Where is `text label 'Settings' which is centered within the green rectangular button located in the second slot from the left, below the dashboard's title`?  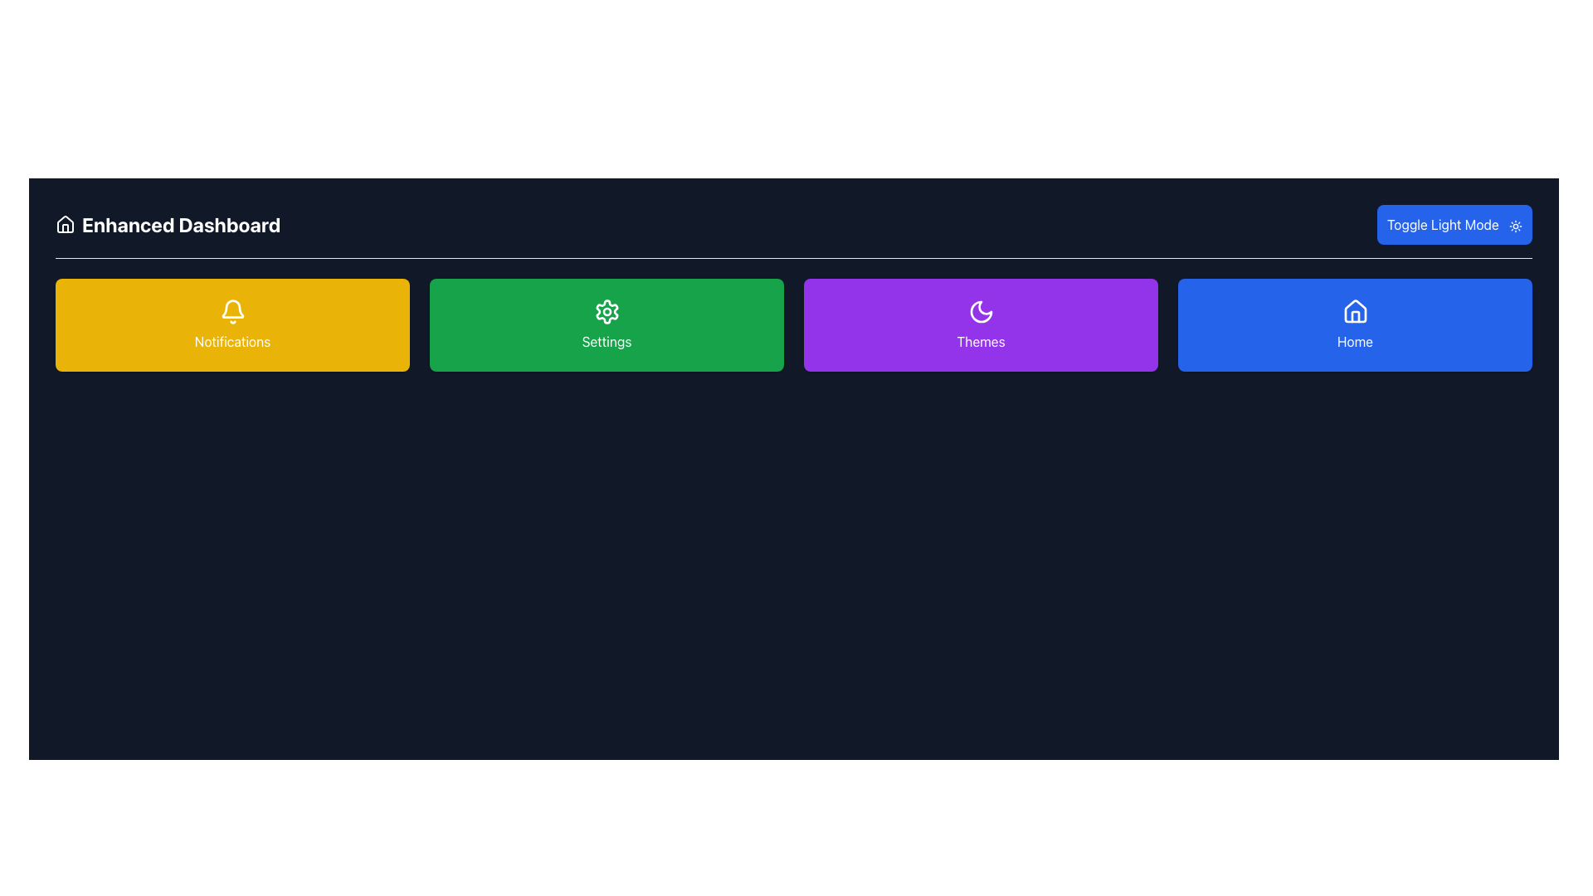
text label 'Settings' which is centered within the green rectangular button located in the second slot from the left, below the dashboard's title is located at coordinates (606, 341).